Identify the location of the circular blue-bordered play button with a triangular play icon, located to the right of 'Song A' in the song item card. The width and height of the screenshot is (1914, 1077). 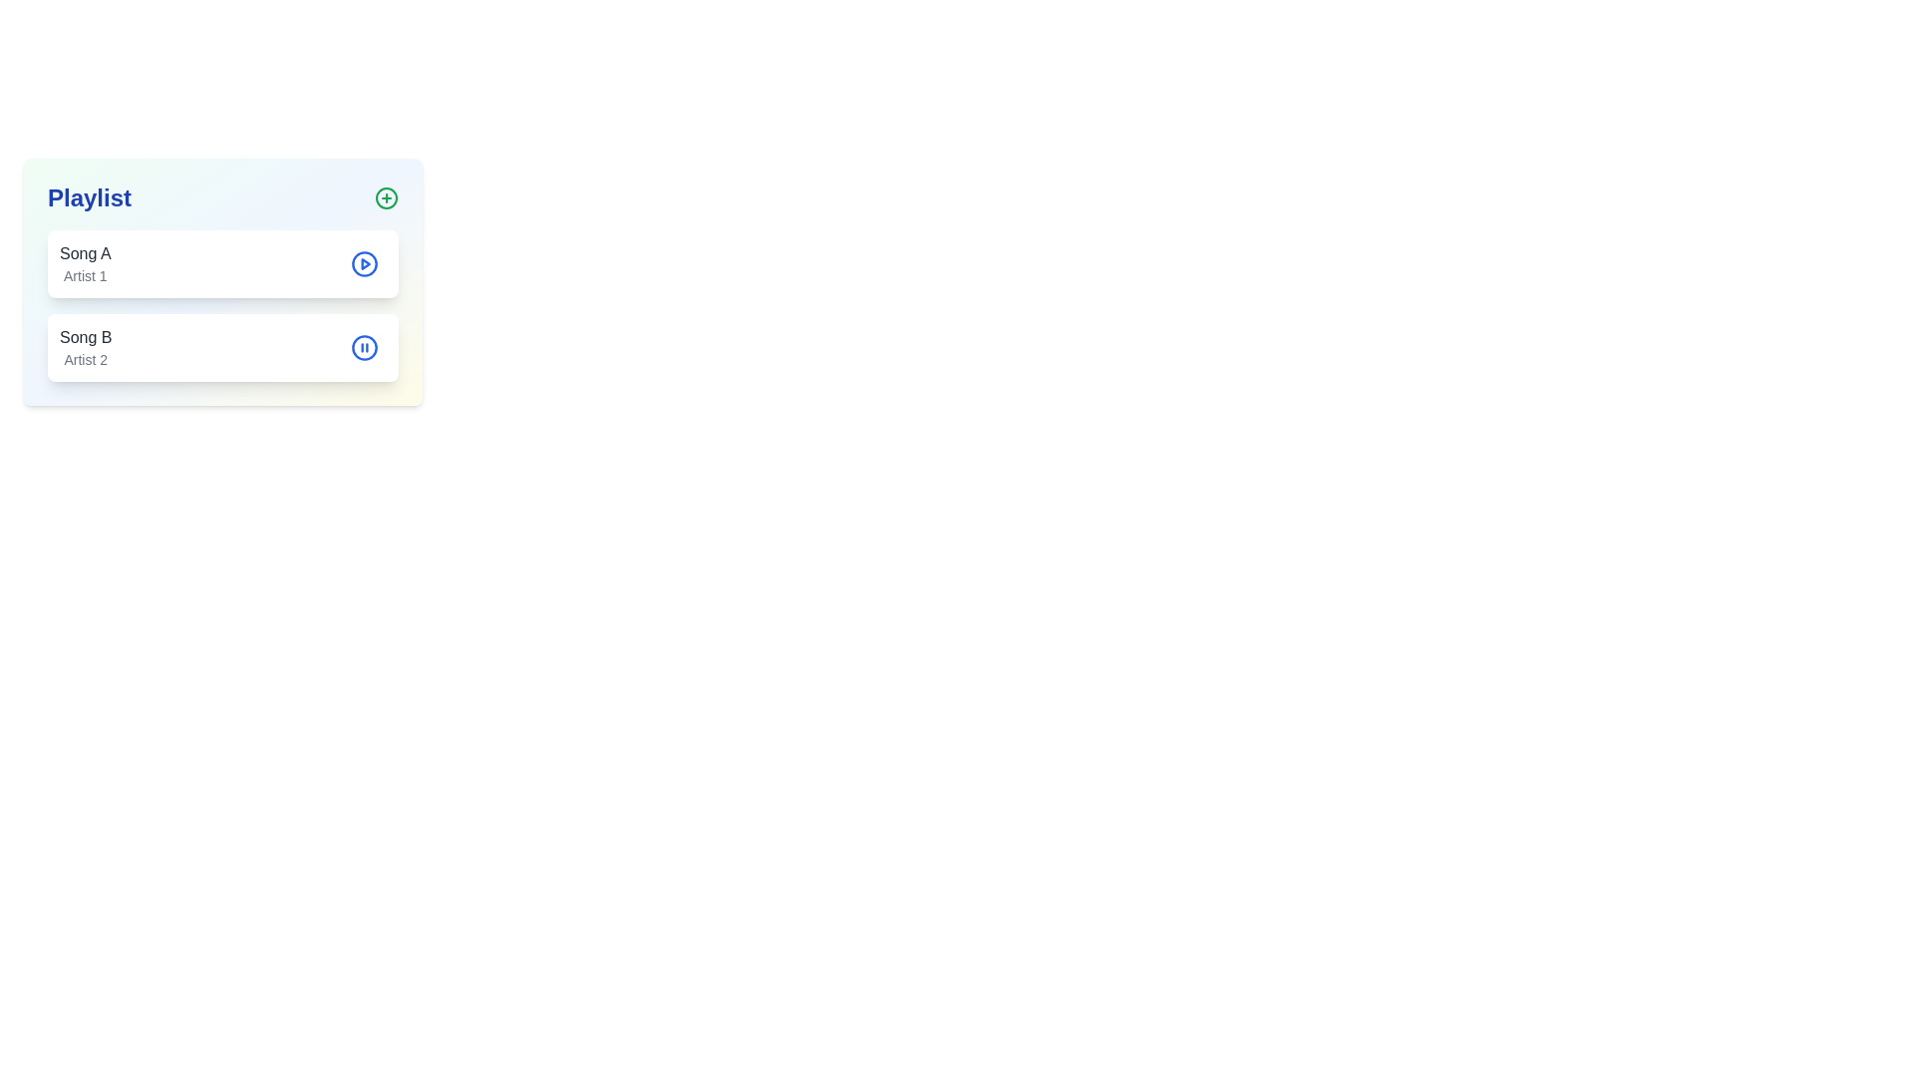
(364, 263).